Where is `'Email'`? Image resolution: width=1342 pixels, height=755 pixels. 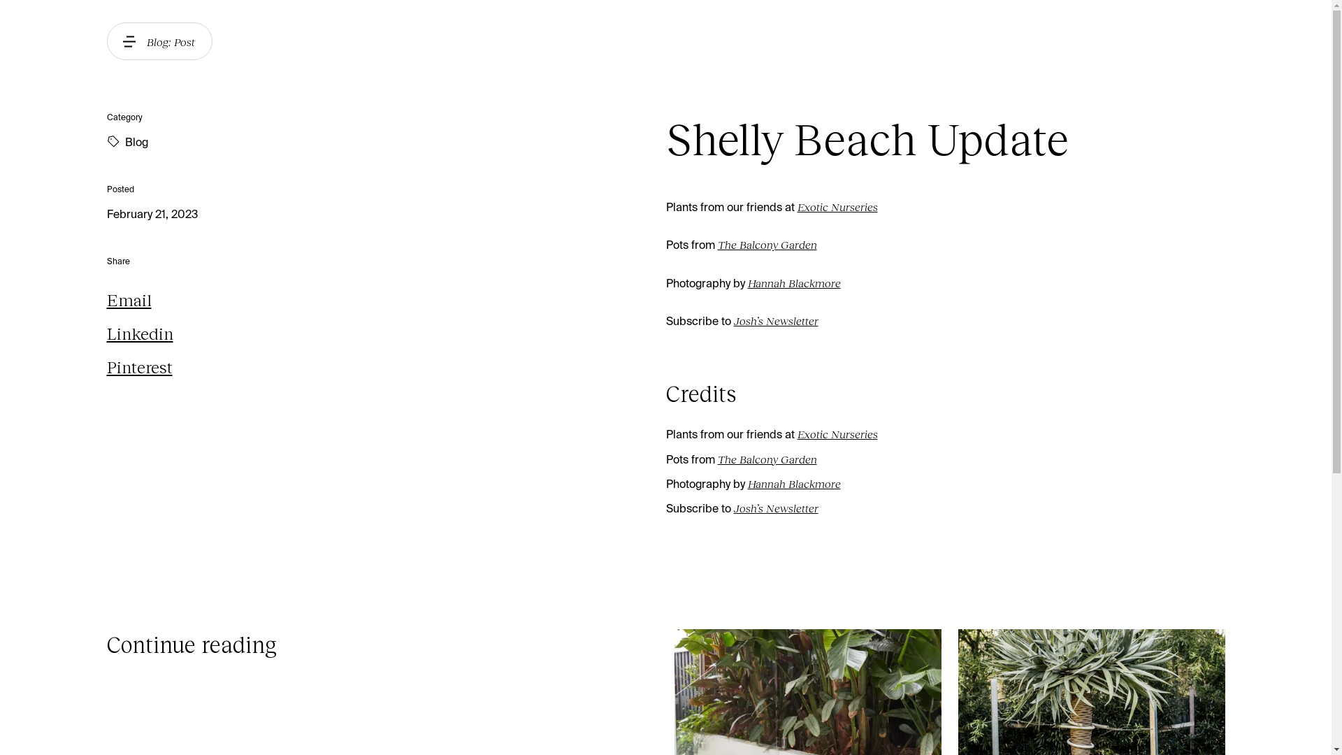 'Email' is located at coordinates (386, 299).